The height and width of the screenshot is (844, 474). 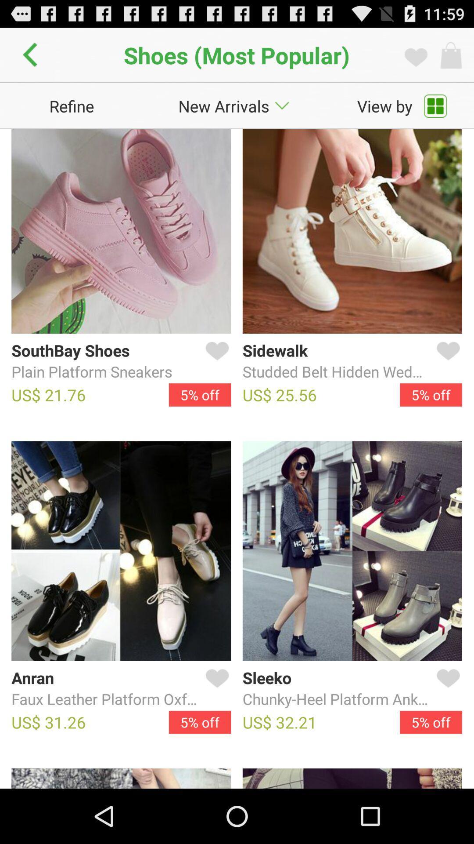 What do you see at coordinates (215, 361) in the screenshot?
I see `like` at bounding box center [215, 361].